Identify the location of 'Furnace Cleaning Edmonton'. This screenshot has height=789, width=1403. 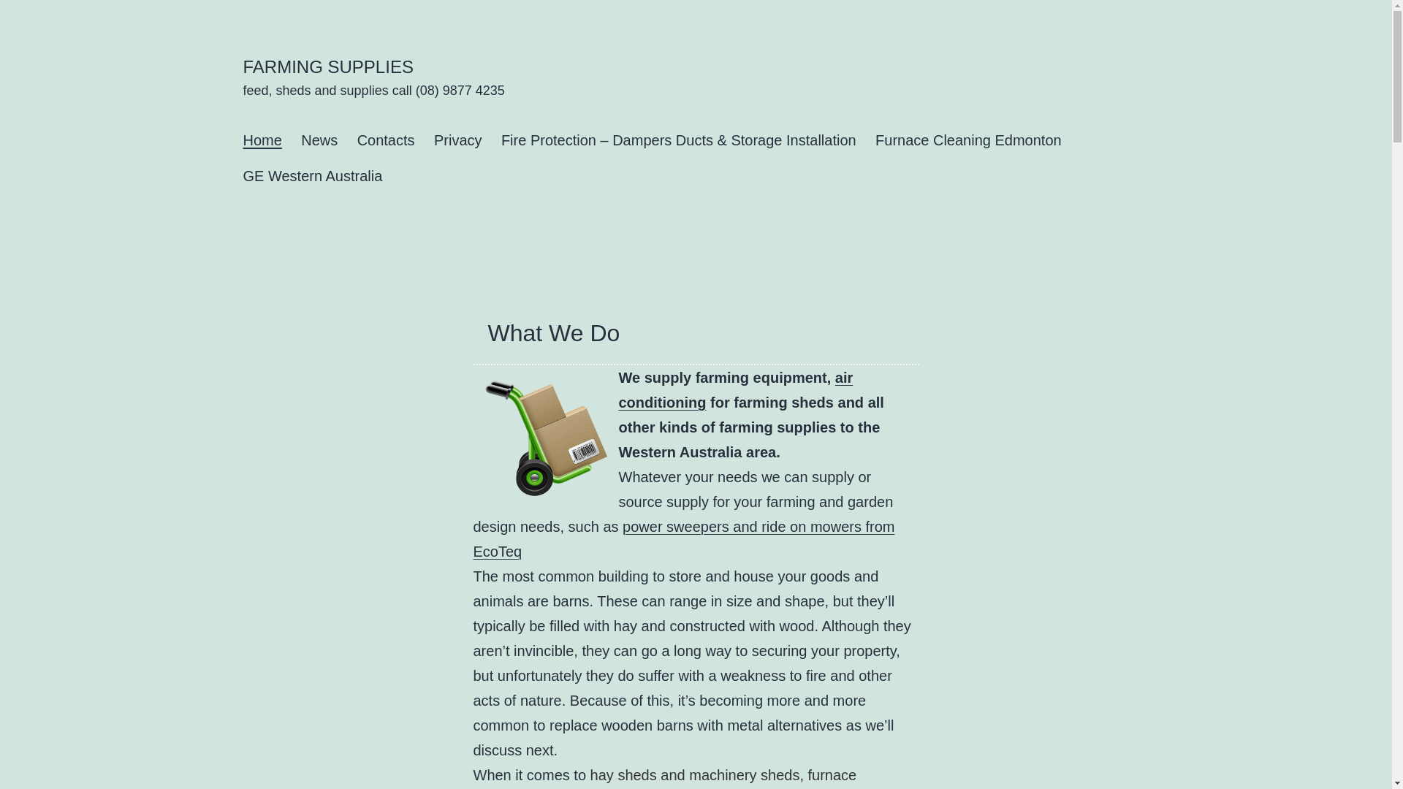
(968, 140).